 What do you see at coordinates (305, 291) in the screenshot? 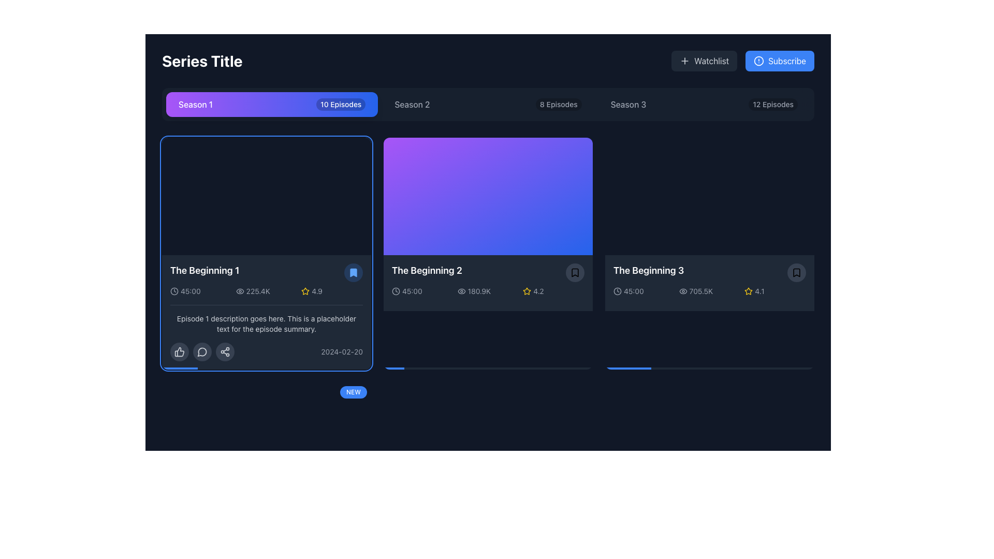
I see `the star-shaped icon with a yellow fill and black outline, which is positioned adjacent to the numeric rating '4.9' in the first card of the series list` at bounding box center [305, 291].